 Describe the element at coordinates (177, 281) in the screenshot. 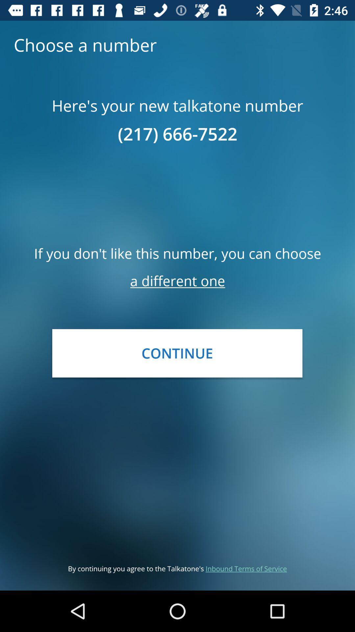

I see `a different one icon` at that location.